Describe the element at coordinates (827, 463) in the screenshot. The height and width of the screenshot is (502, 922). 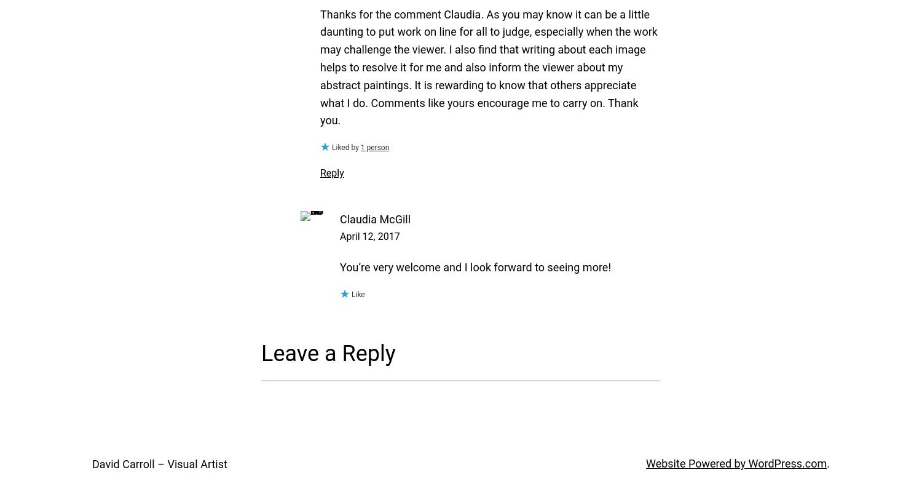
I see `'.'` at that location.